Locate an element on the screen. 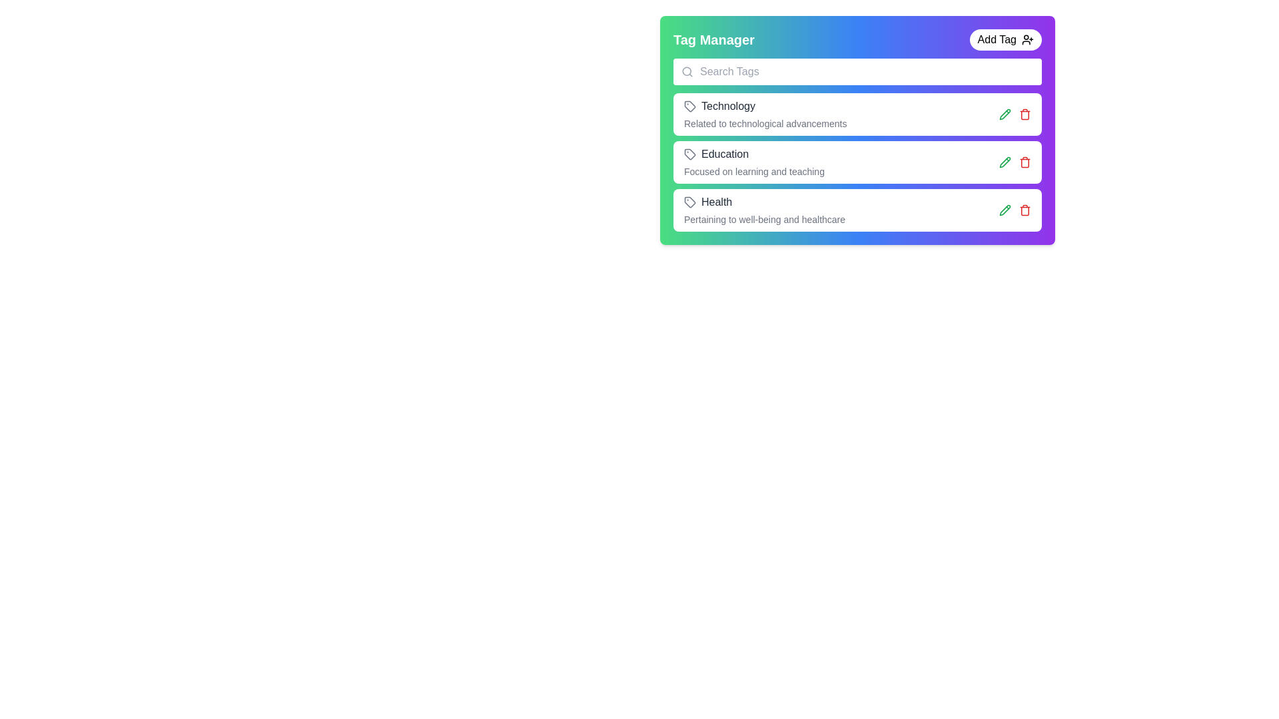 The height and width of the screenshot is (719, 1279). the red trash icon button in the 'Tag Manager' interface to initiate the delete action is located at coordinates (1025, 114).